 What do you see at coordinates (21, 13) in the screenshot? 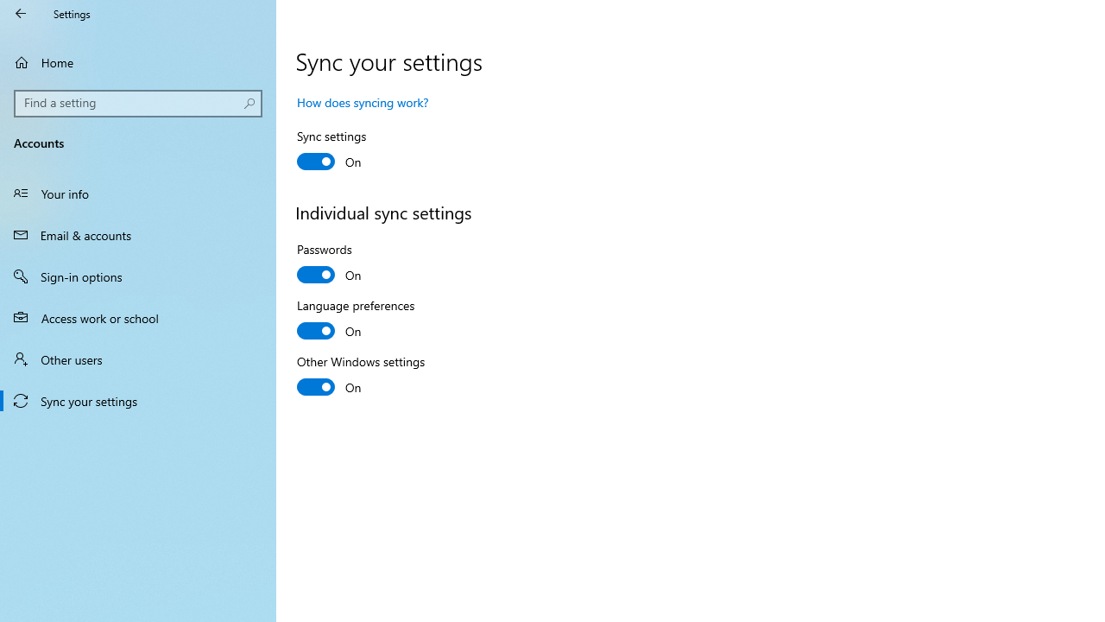
I see `'Back'` at bounding box center [21, 13].